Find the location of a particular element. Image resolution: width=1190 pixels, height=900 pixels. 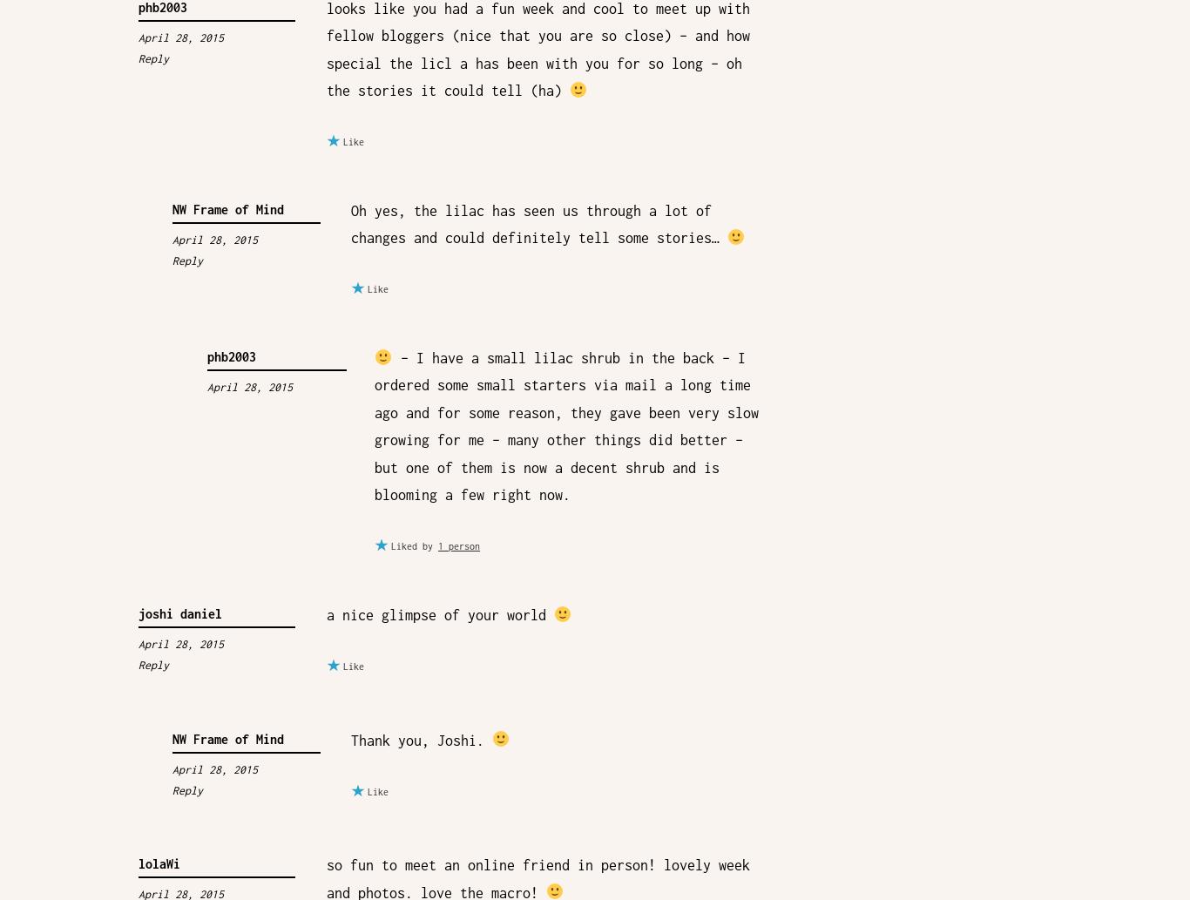

'Thank you, Joshi.' is located at coordinates (349, 740).